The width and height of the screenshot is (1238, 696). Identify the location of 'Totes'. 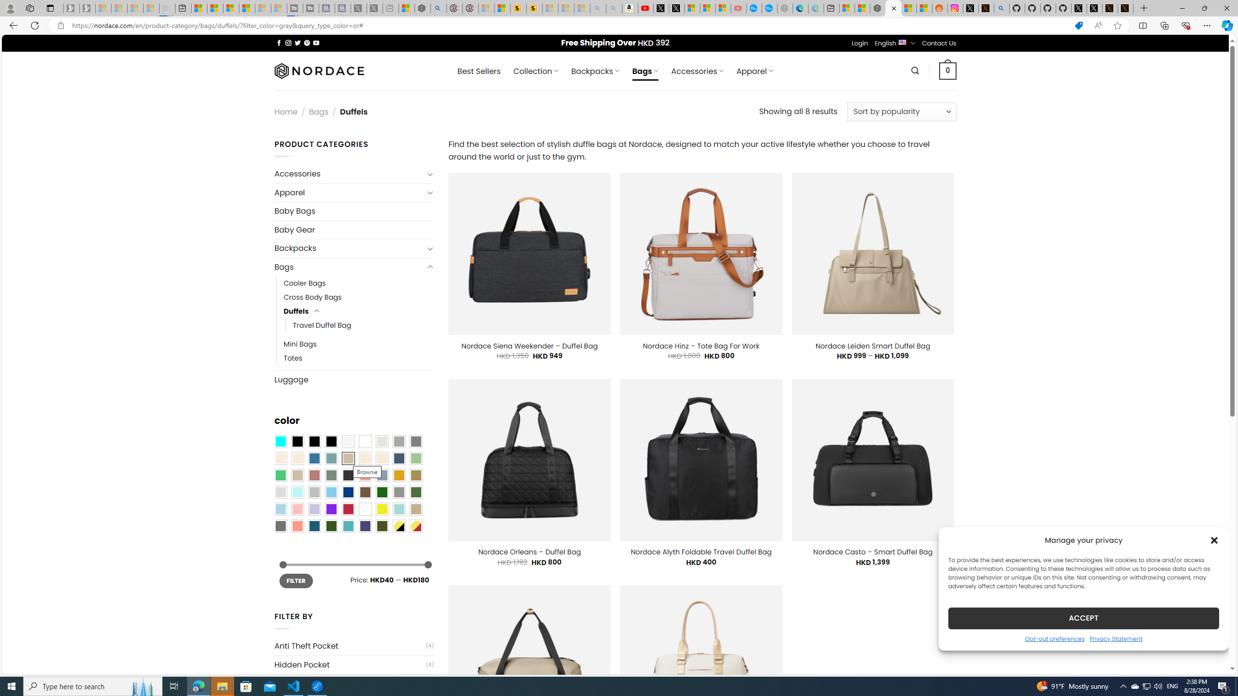
(293, 357).